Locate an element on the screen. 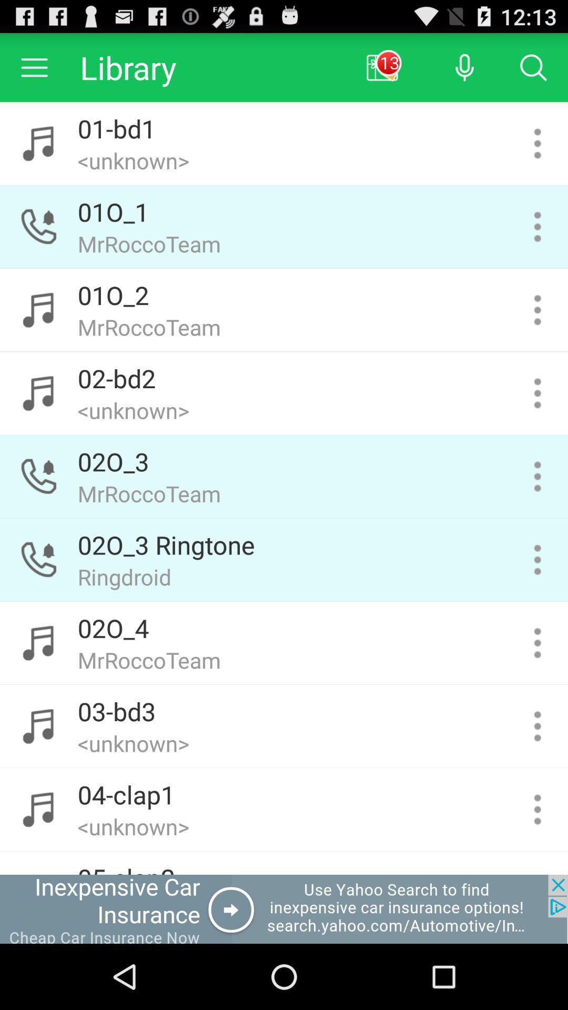 The width and height of the screenshot is (568, 1010). see more options is located at coordinates (537, 309).